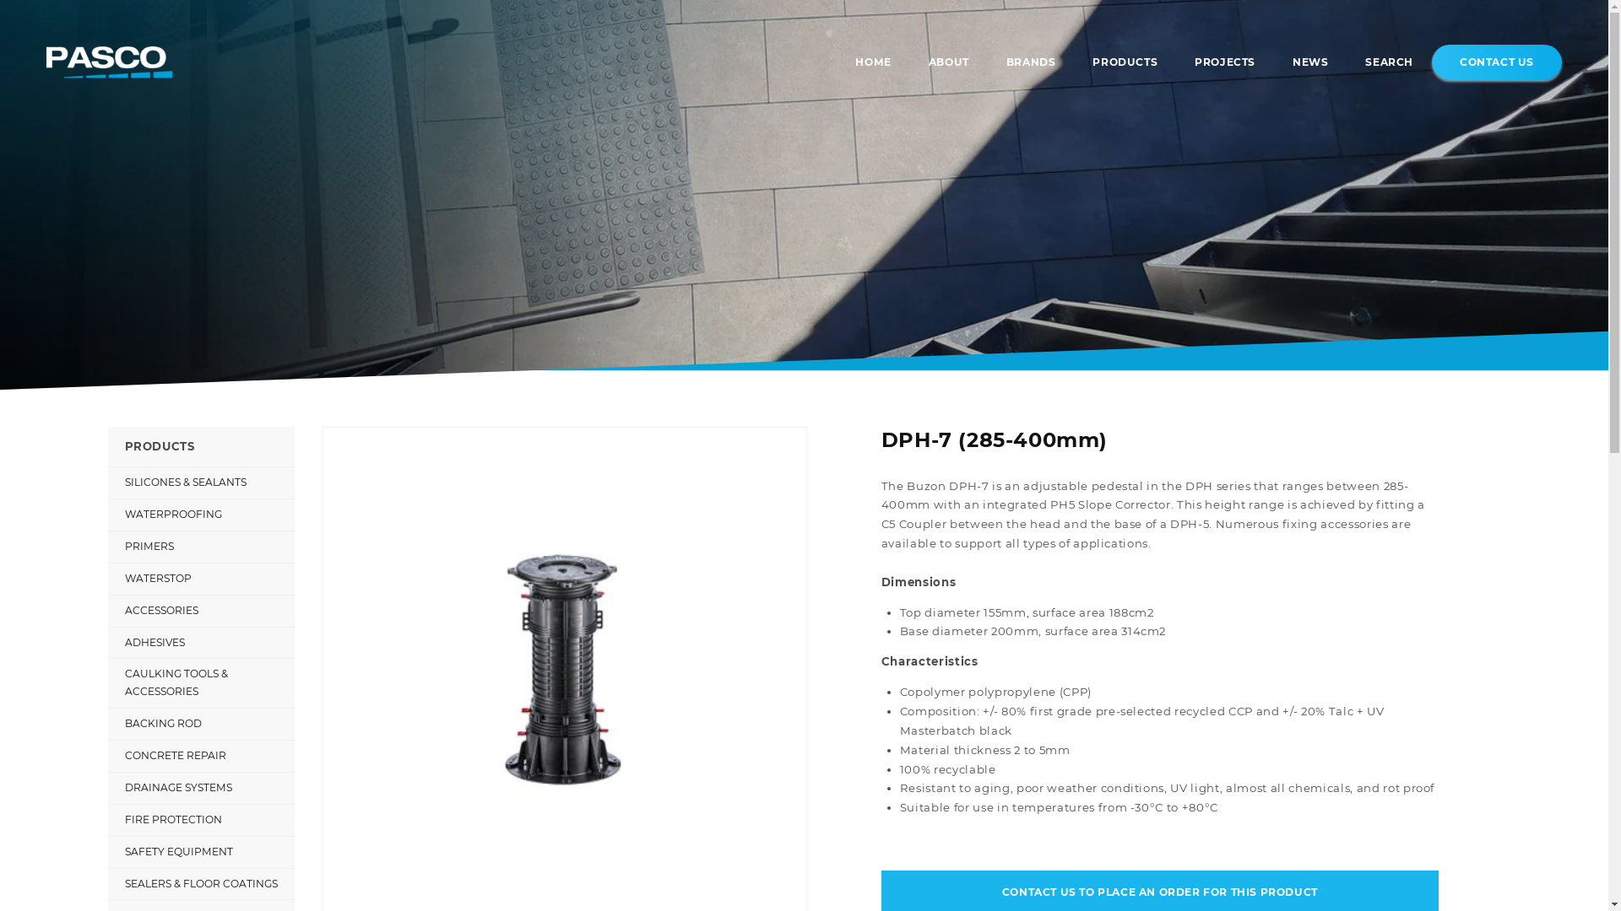 This screenshot has width=1621, height=911. Describe the element at coordinates (201, 482) in the screenshot. I see `'SILICONES & SEALANTS'` at that location.